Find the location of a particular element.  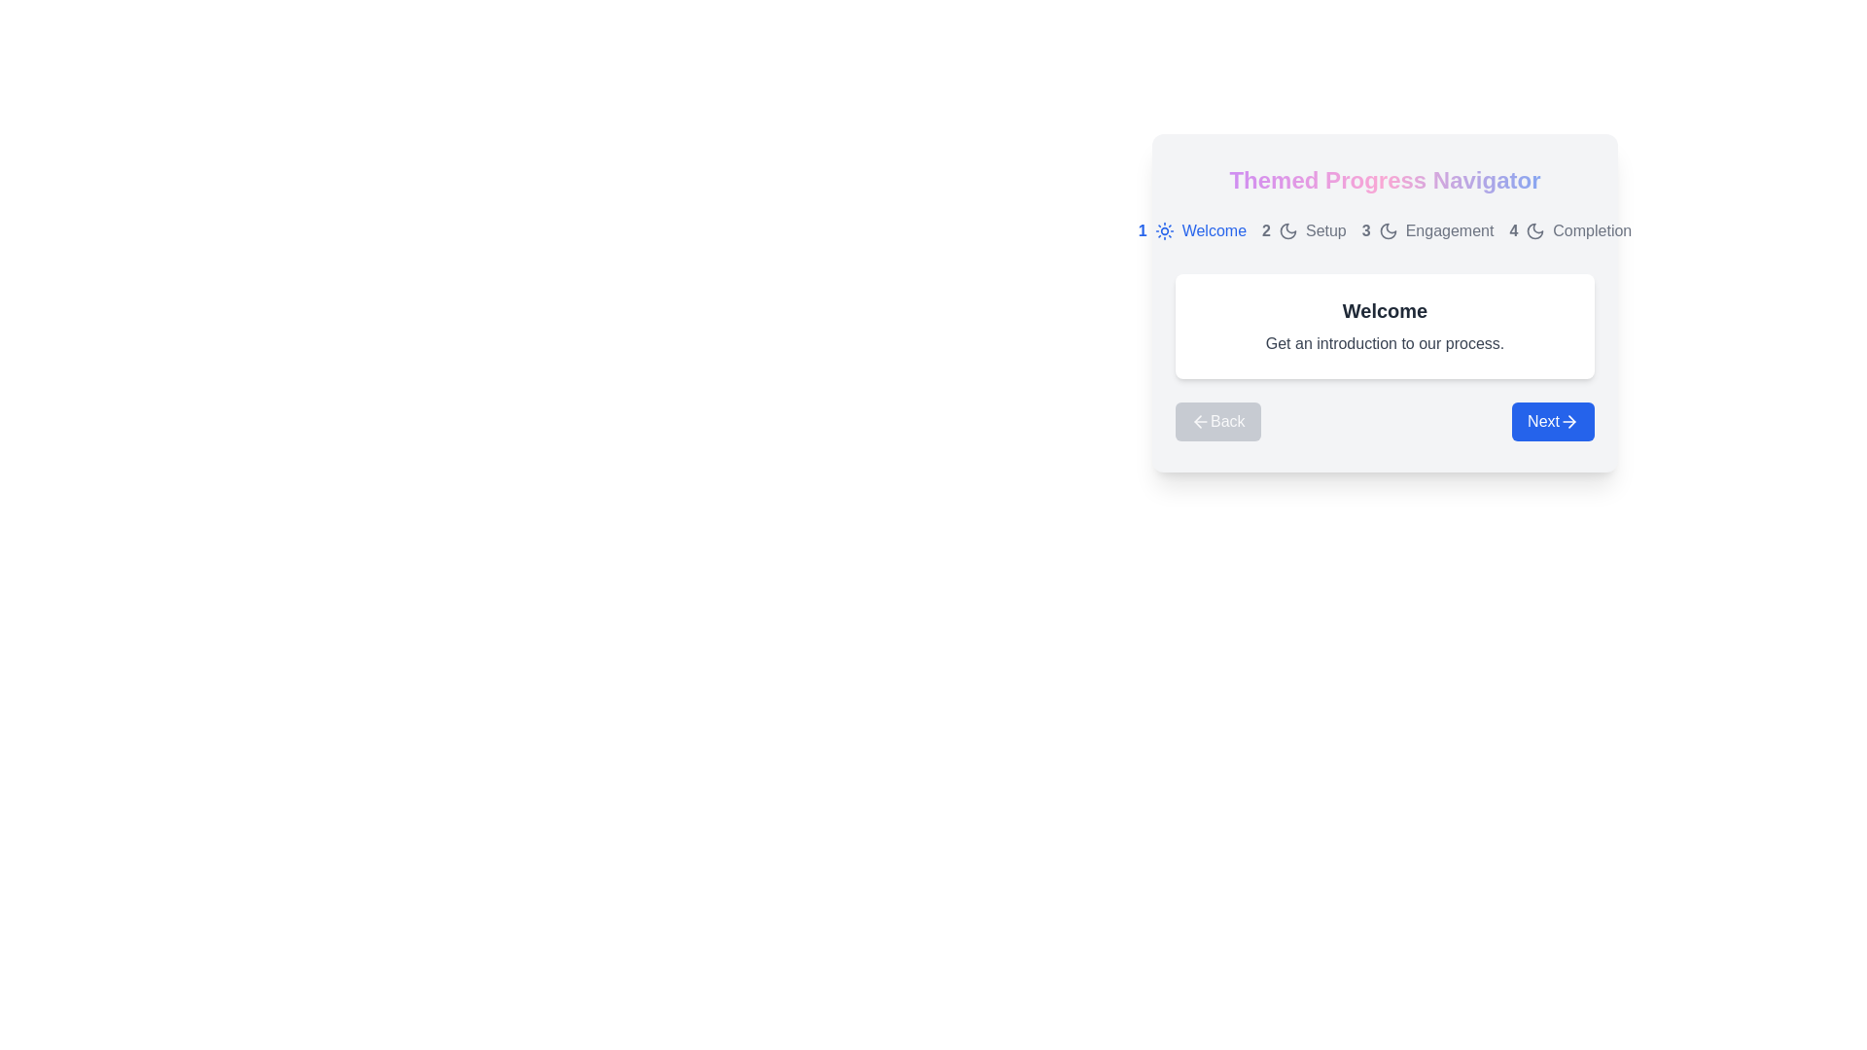

the phase indicator corresponding to phase 4 is located at coordinates (1569, 230).